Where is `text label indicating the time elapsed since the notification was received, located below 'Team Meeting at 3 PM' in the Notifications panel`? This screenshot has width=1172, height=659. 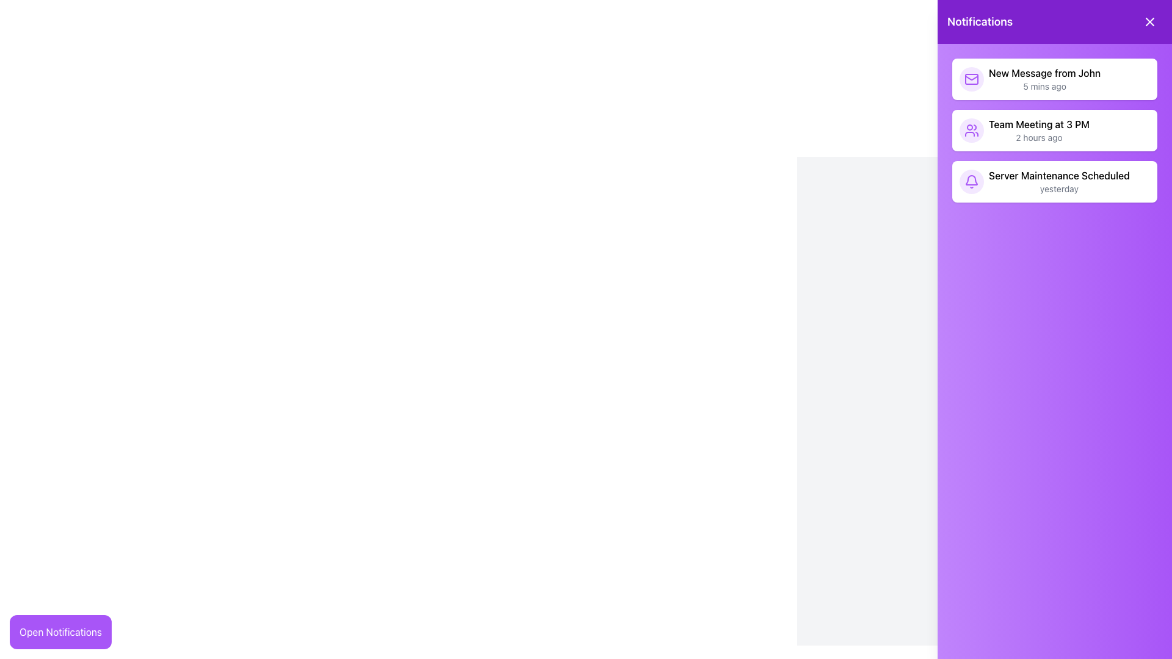
text label indicating the time elapsed since the notification was received, located below 'Team Meeting at 3 PM' in the Notifications panel is located at coordinates (1038, 137).